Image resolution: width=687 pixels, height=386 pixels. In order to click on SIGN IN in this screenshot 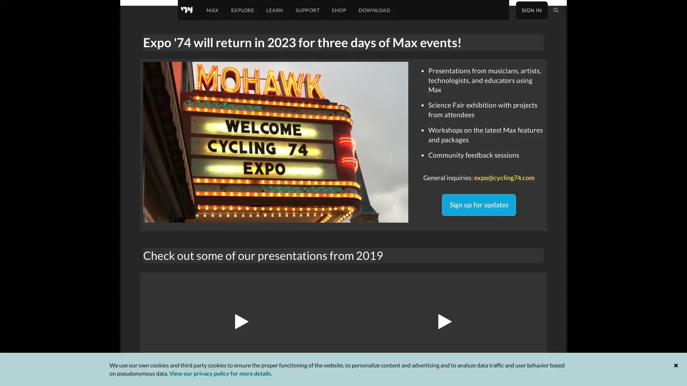, I will do `click(532, 10)`.